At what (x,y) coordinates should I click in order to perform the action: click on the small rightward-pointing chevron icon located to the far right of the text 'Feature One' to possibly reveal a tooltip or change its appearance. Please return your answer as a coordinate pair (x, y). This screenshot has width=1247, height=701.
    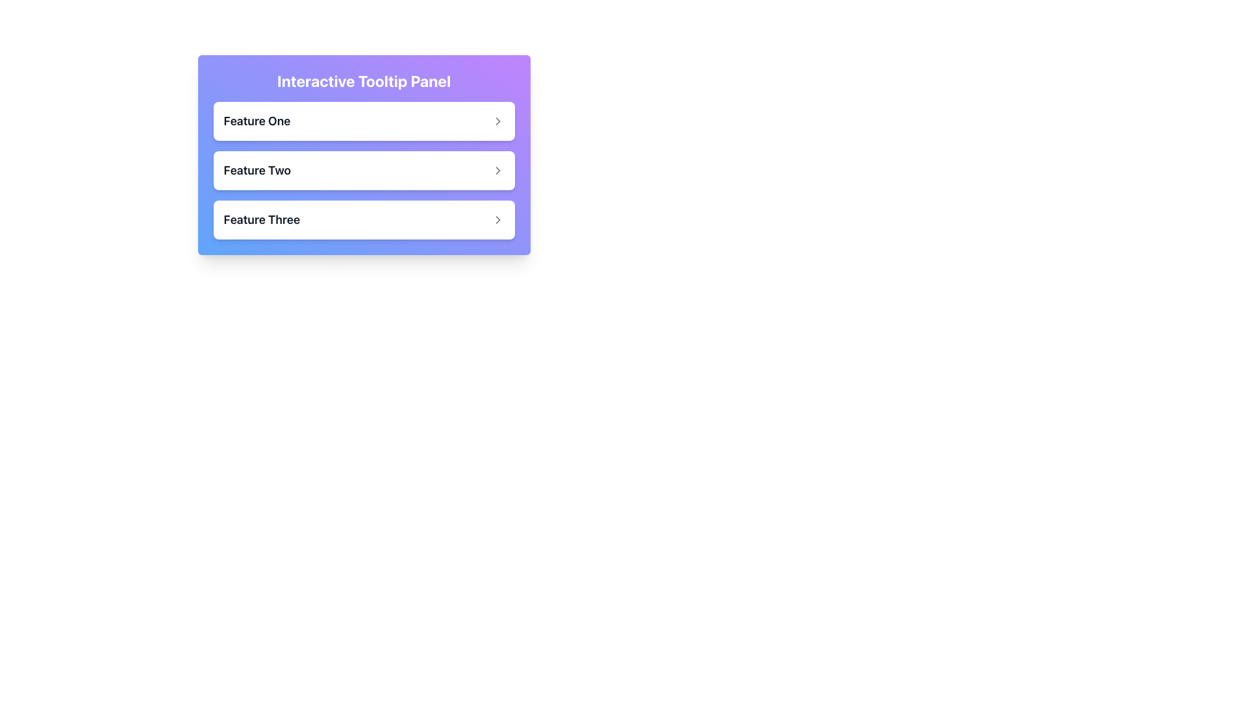
    Looking at the image, I should click on (497, 121).